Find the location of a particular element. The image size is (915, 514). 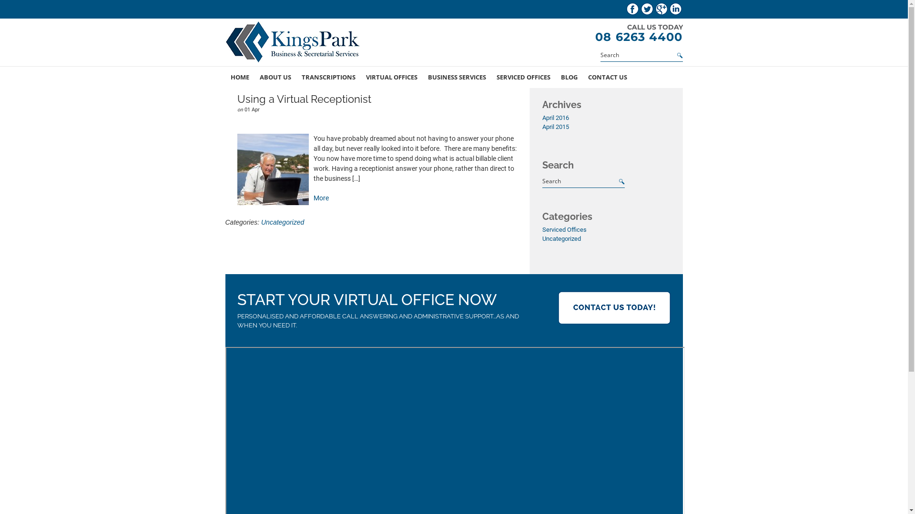

'ABOUT US' is located at coordinates (254, 77).